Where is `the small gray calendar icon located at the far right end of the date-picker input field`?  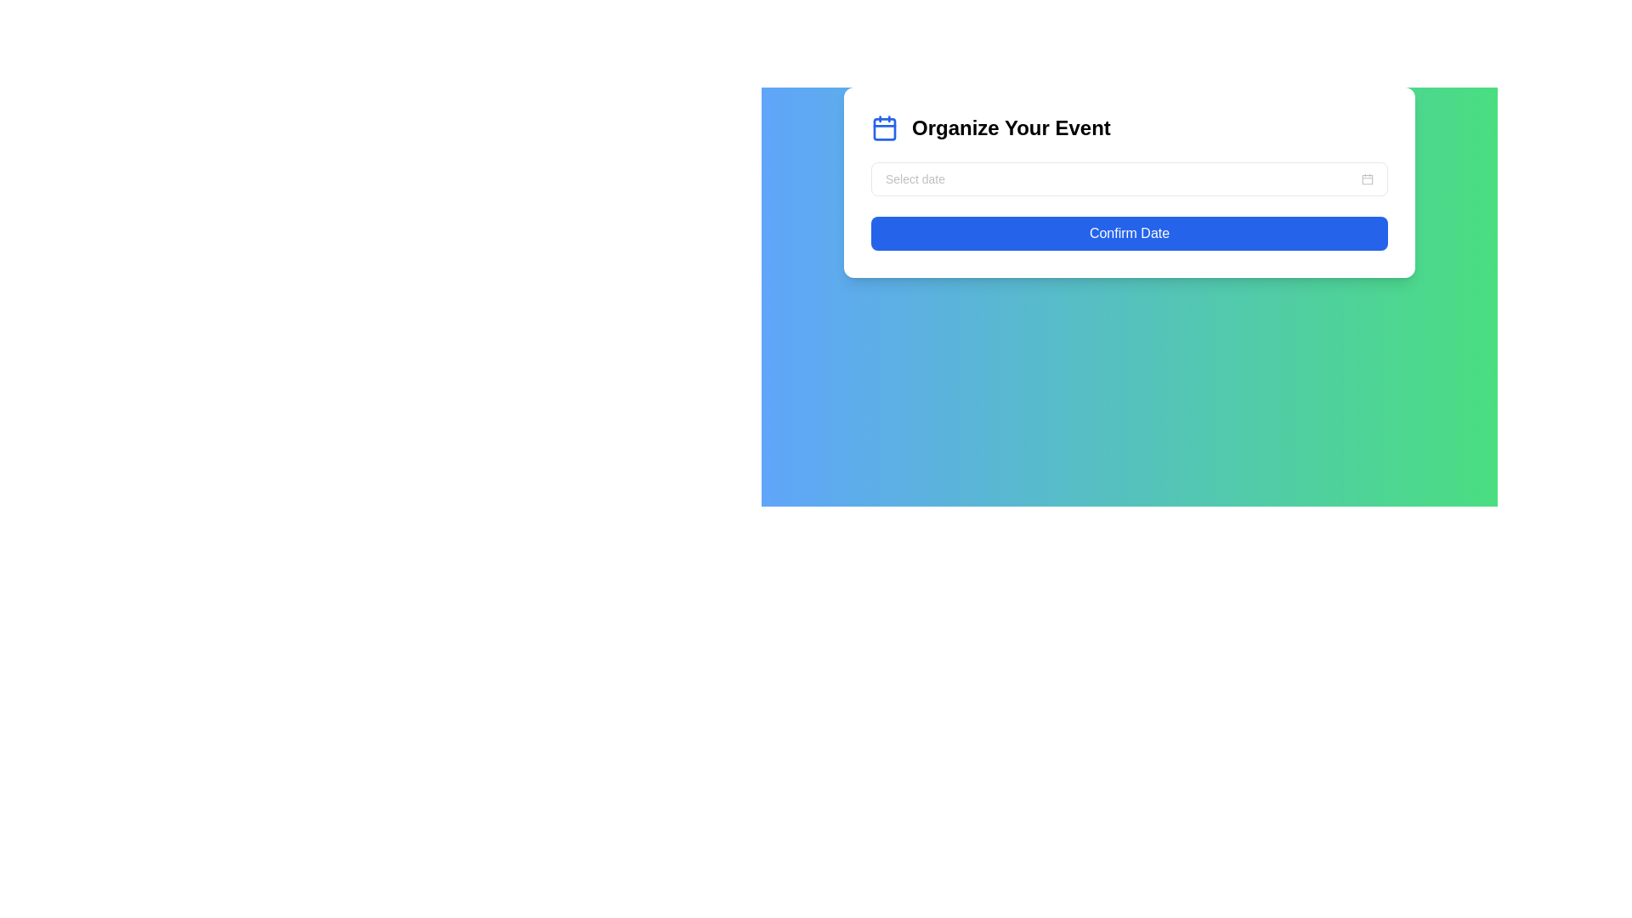
the small gray calendar icon located at the far right end of the date-picker input field is located at coordinates (1367, 179).